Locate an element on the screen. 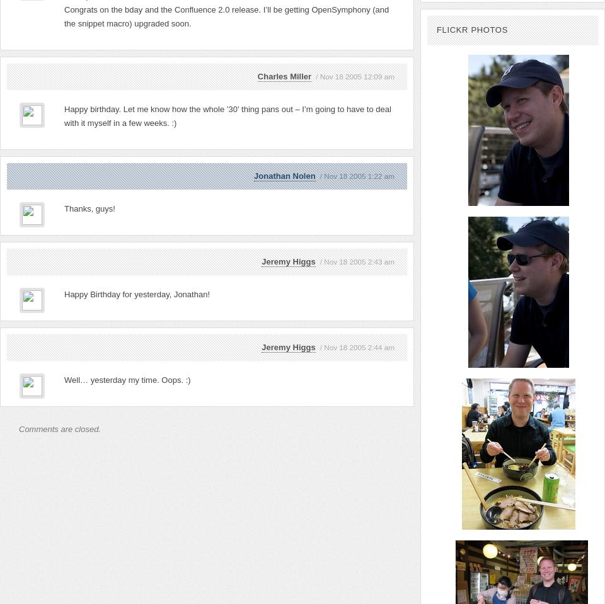  'Charles Miller' is located at coordinates (256, 76).